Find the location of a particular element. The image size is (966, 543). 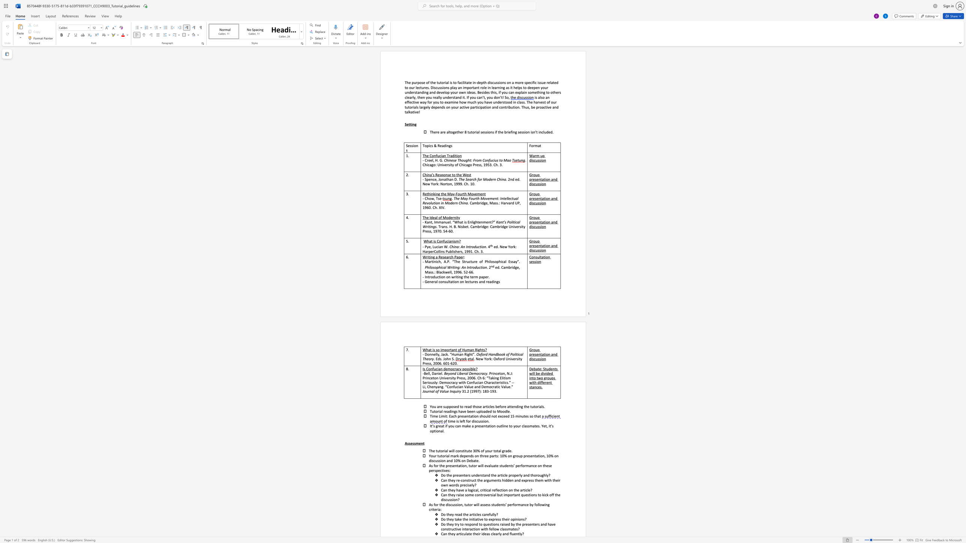

the subset text "ss" within the text "Group presentation and discussion" is located at coordinates (538, 226).